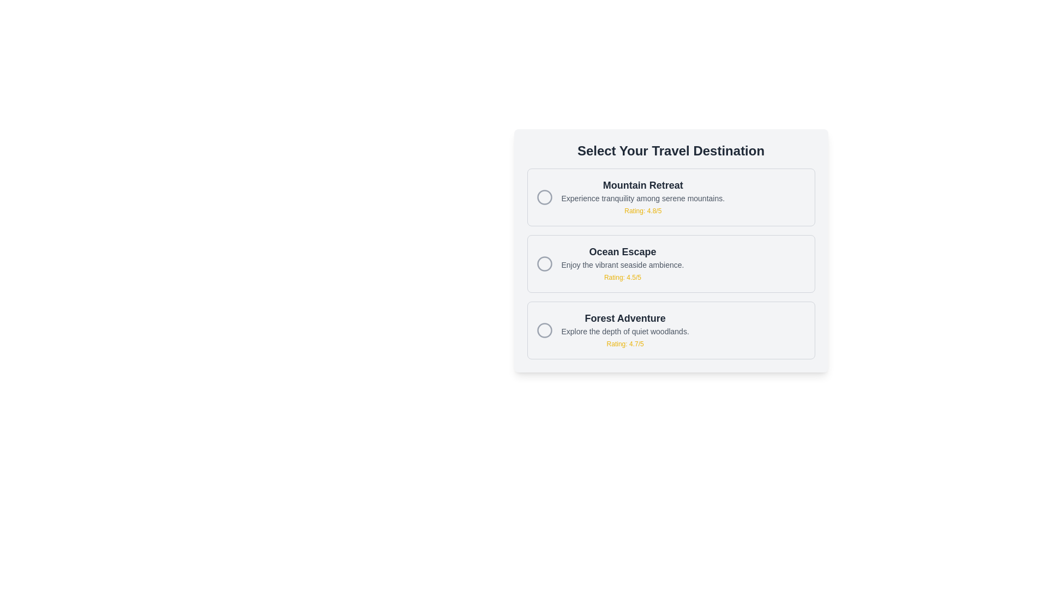  Describe the element at coordinates (670, 329) in the screenshot. I see `the selectable list item component with the title 'Forest Adventure'` at that location.